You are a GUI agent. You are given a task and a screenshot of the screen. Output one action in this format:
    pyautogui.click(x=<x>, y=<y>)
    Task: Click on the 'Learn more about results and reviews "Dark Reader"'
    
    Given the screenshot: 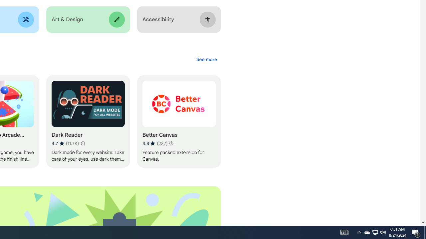 What is the action you would take?
    pyautogui.click(x=82, y=143)
    